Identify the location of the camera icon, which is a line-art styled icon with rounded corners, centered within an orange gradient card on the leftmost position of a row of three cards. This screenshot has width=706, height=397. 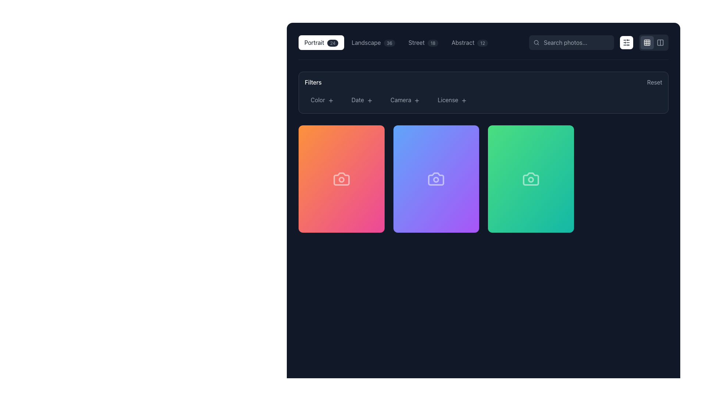
(341, 179).